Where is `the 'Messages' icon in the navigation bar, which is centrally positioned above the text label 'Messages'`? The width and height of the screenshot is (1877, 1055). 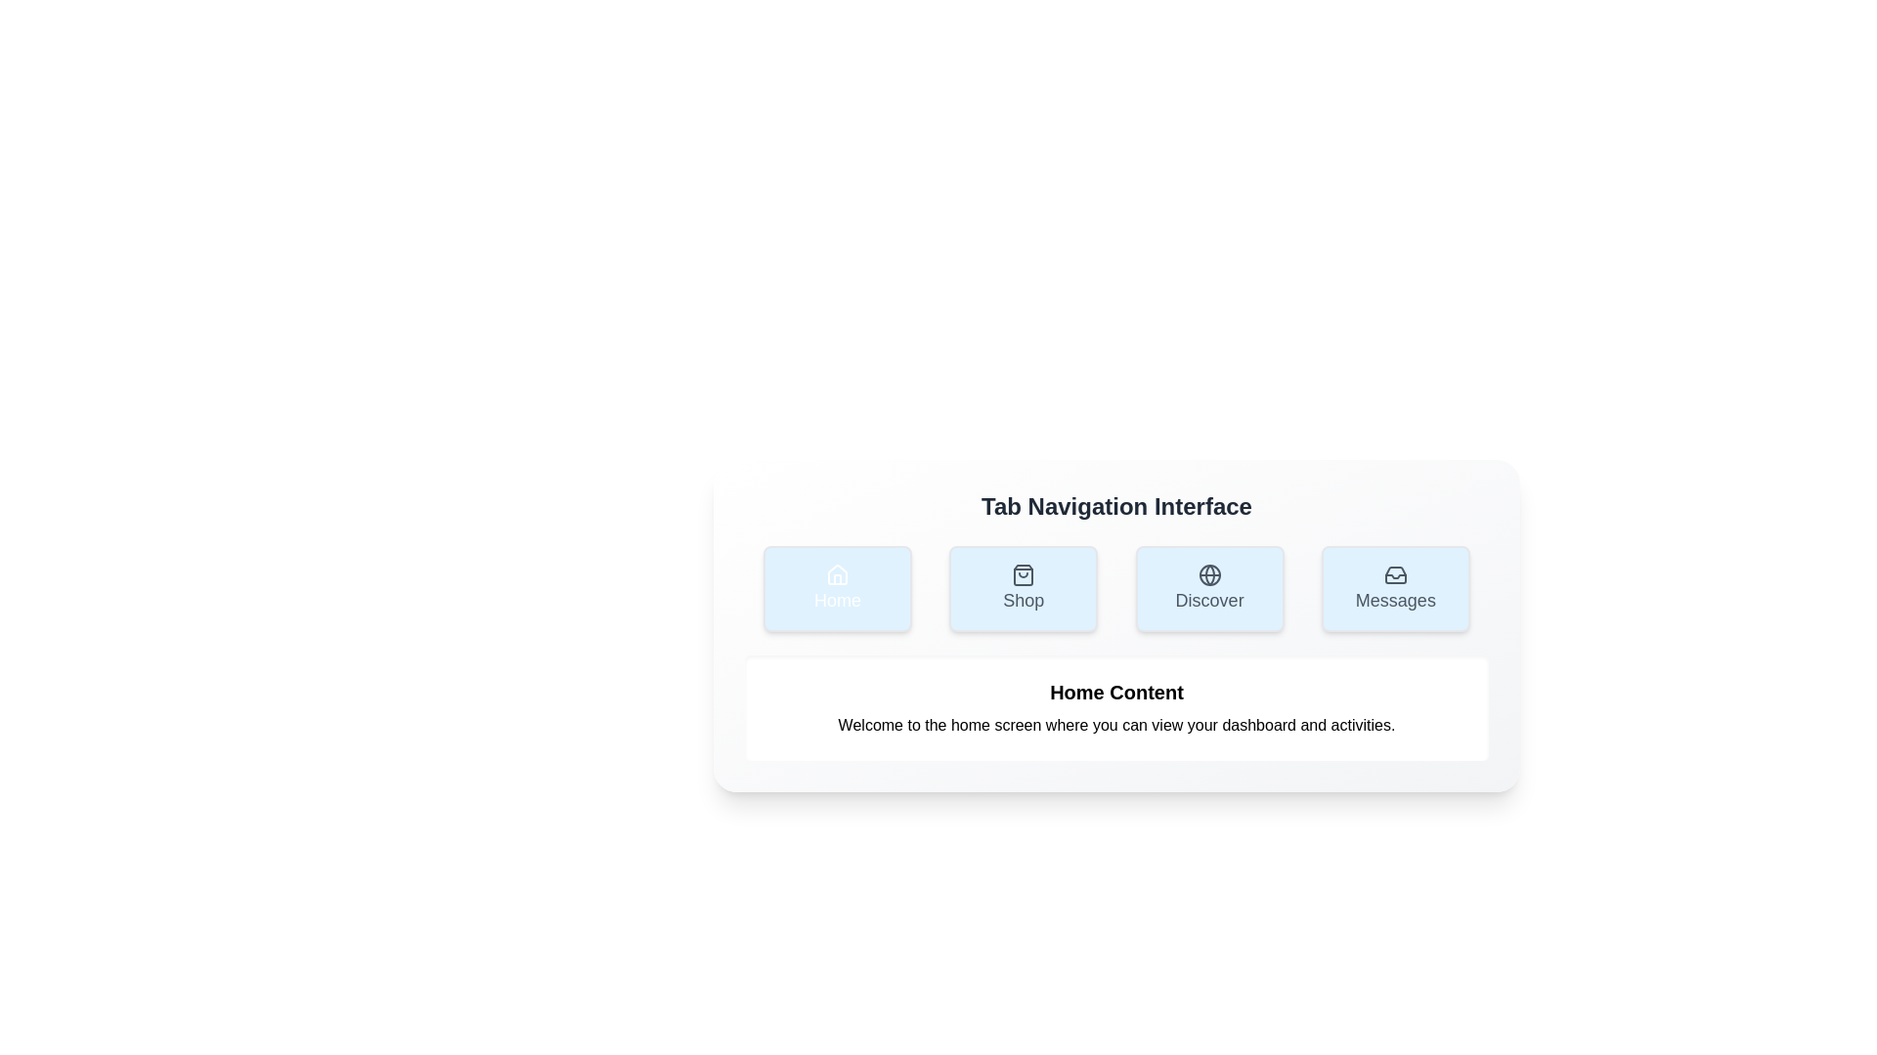
the 'Messages' icon in the navigation bar, which is centrally positioned above the text label 'Messages' is located at coordinates (1394, 574).